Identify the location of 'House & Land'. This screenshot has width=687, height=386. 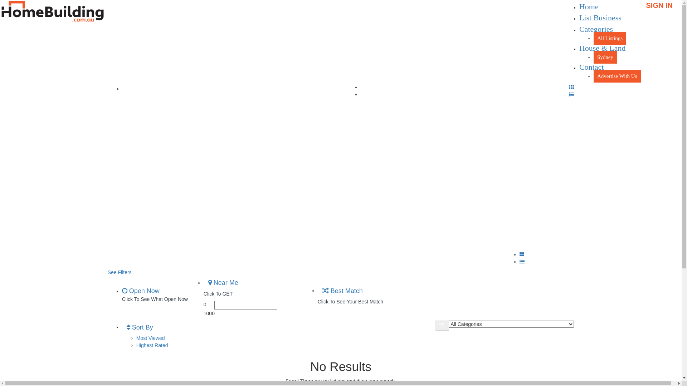
(579, 48).